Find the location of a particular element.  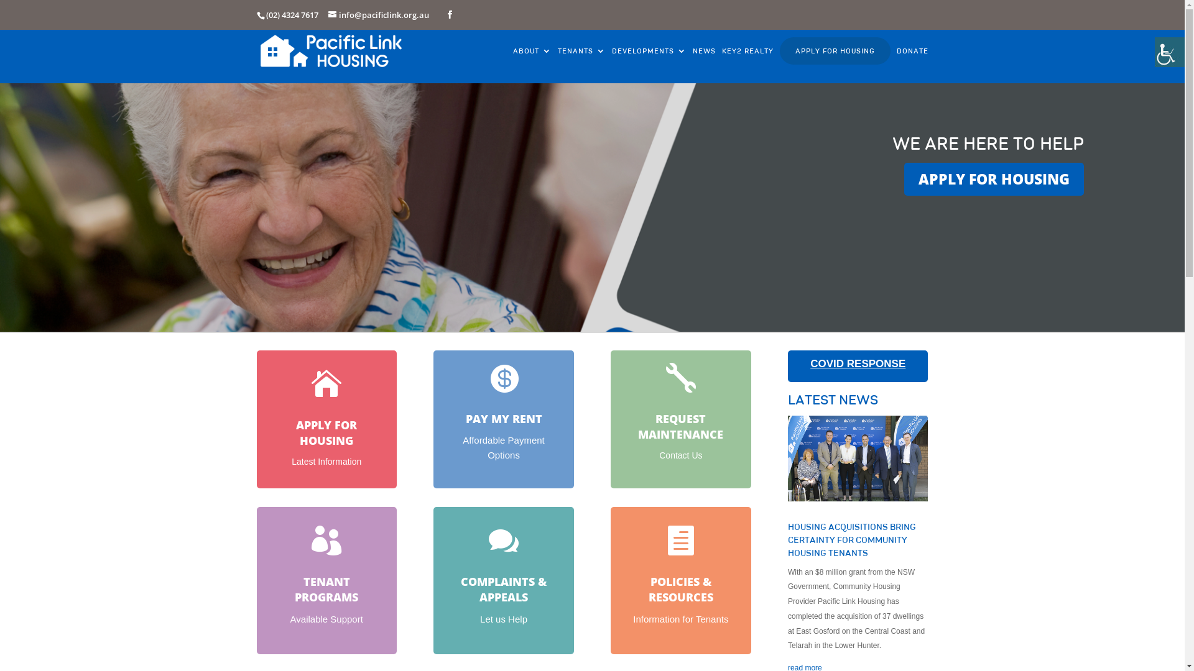

'TENANTS' is located at coordinates (580, 65).